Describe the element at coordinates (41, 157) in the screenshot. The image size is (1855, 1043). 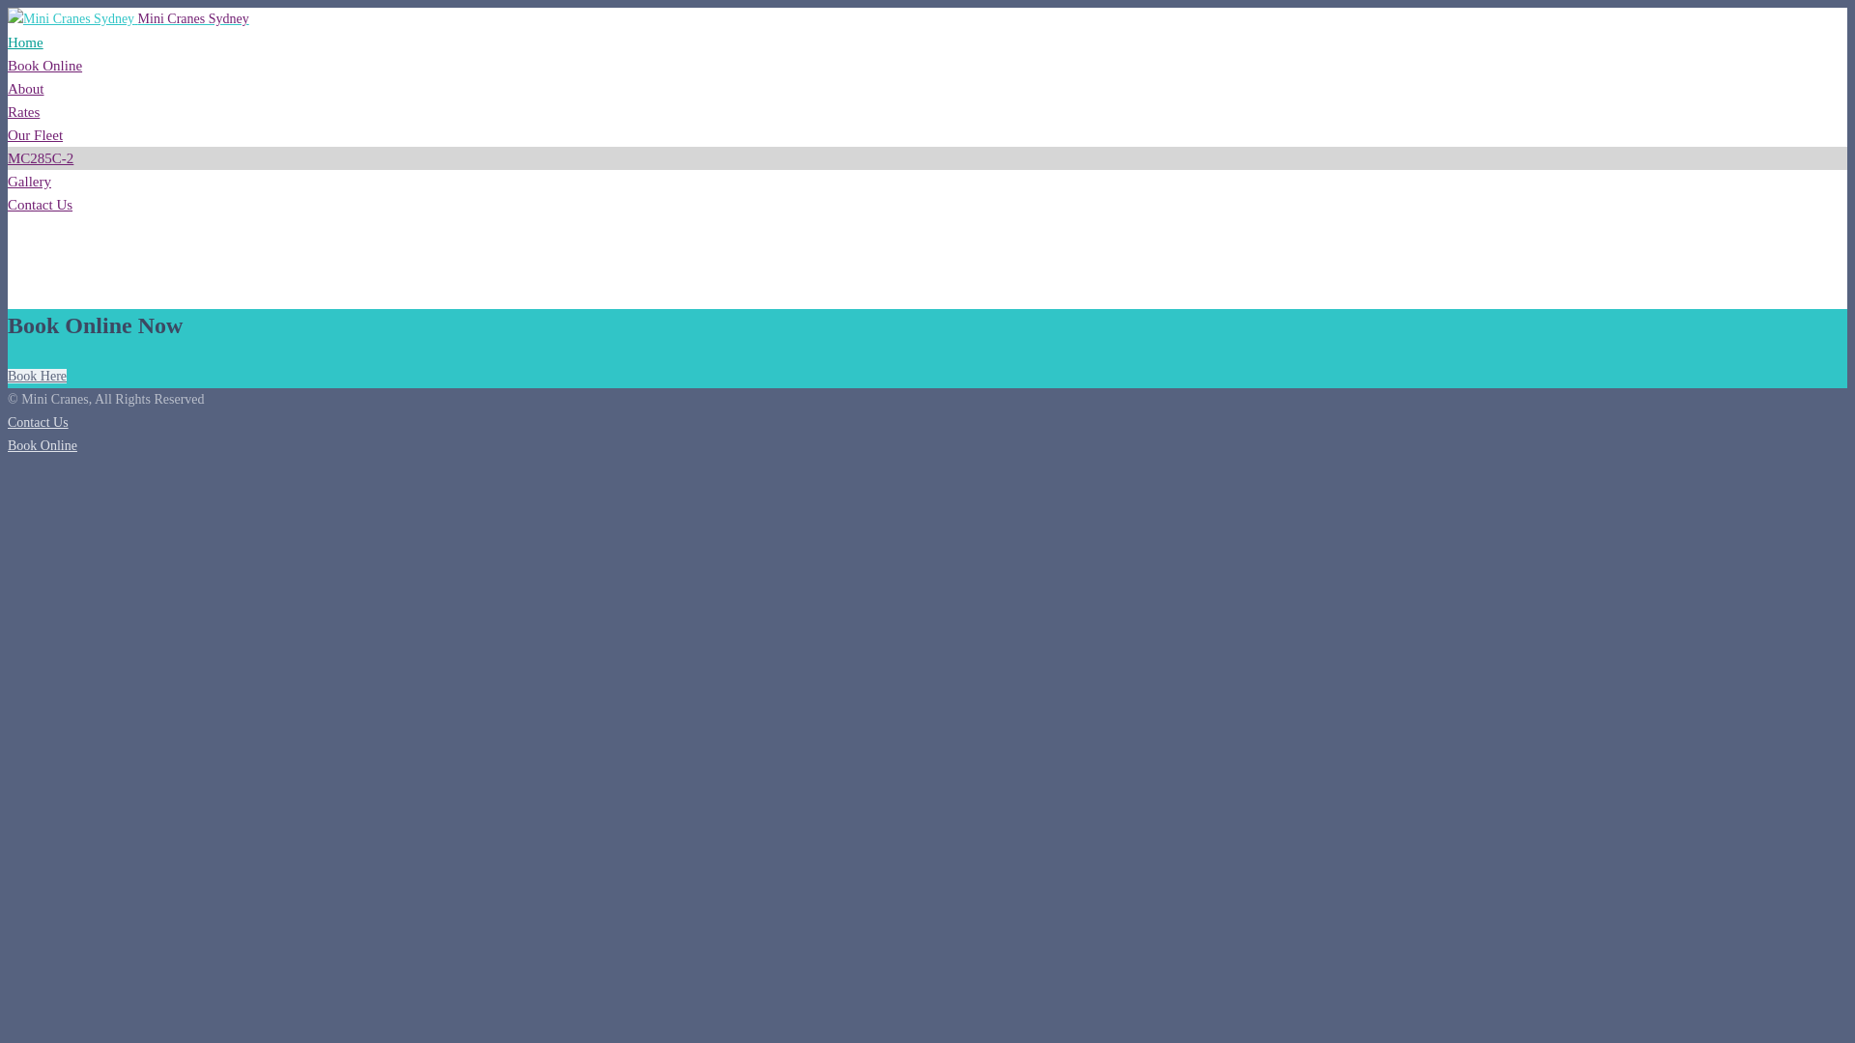
I see `'MC285C-2'` at that location.